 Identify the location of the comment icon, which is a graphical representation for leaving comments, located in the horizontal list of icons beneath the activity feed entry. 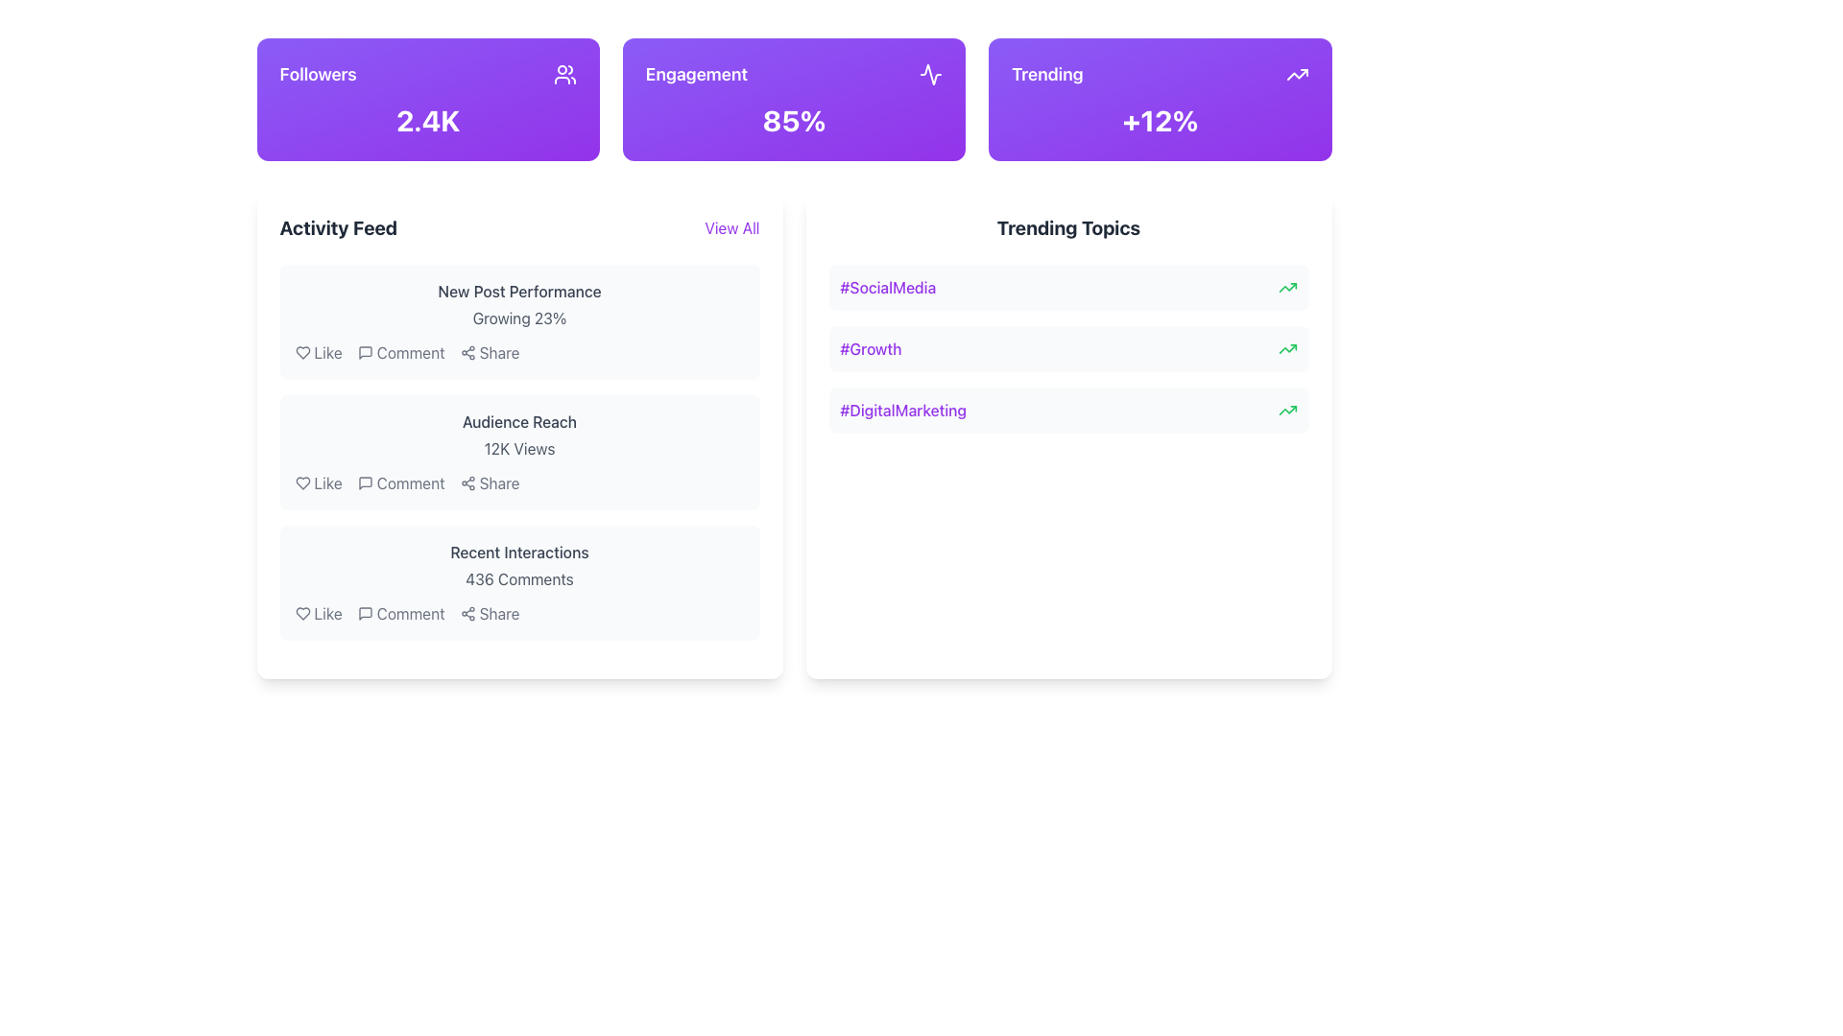
(365, 352).